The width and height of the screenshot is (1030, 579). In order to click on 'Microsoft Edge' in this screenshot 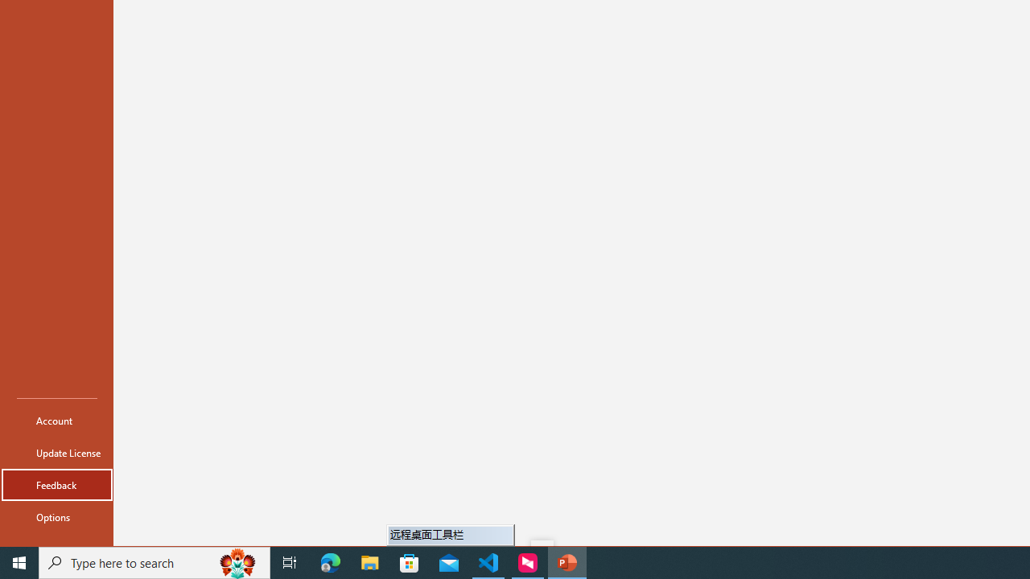, I will do `click(330, 561)`.